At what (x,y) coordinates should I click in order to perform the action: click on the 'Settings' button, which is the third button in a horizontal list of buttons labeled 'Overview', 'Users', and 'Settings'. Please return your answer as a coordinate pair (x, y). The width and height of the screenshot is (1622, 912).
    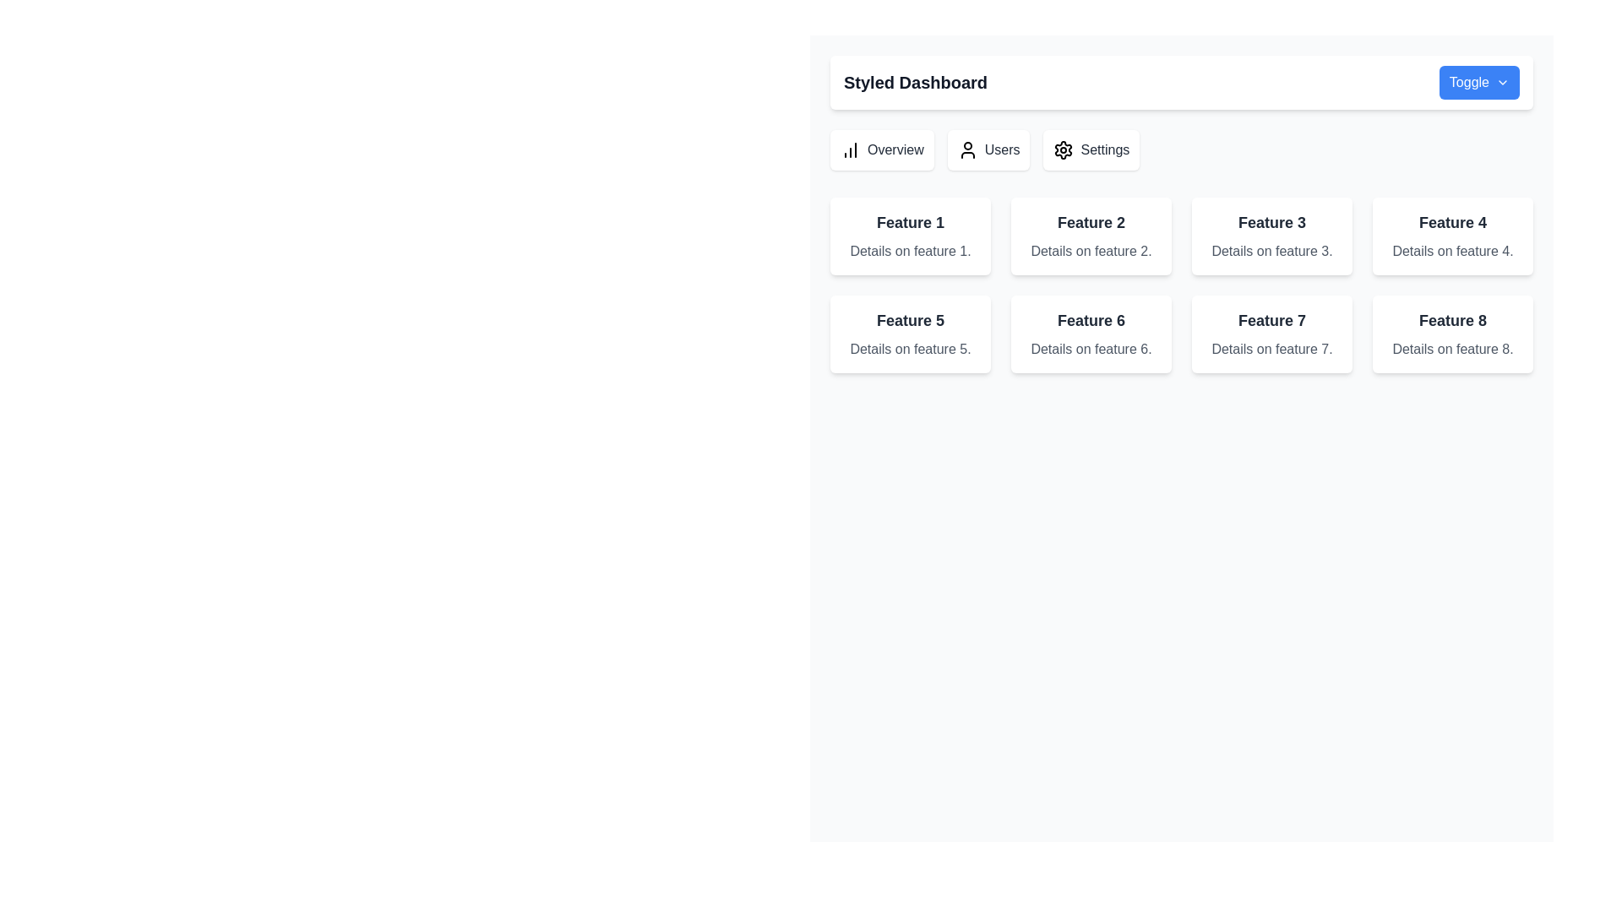
    Looking at the image, I should click on (1091, 149).